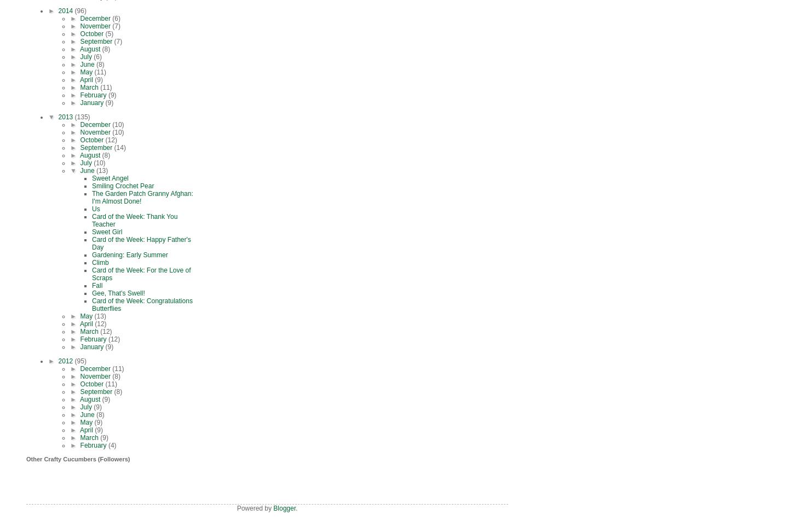 The image size is (793, 521). What do you see at coordinates (141, 243) in the screenshot?
I see `'Card of the Week: Happy Father's Day'` at bounding box center [141, 243].